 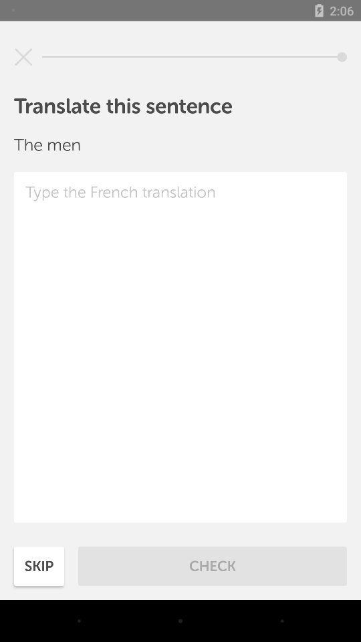 I want to click on skip icon, so click(x=39, y=565).